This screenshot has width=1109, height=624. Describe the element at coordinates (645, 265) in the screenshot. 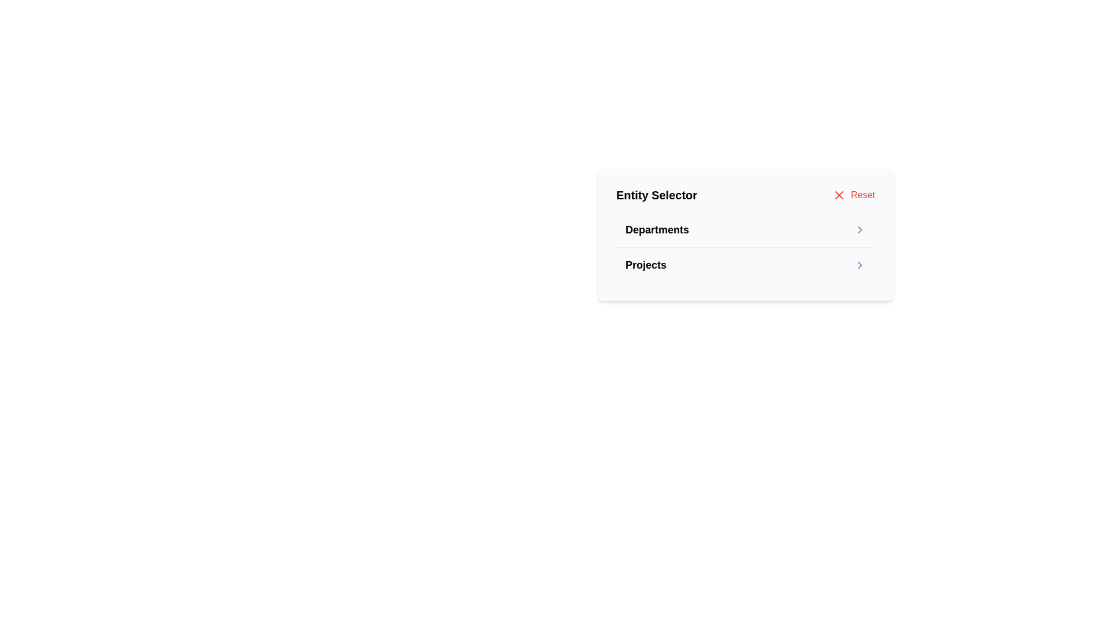

I see `the 'Projects' text label located in the bottom row of the card interface, aligned below 'Departments' and followed by an arrow icon` at that location.